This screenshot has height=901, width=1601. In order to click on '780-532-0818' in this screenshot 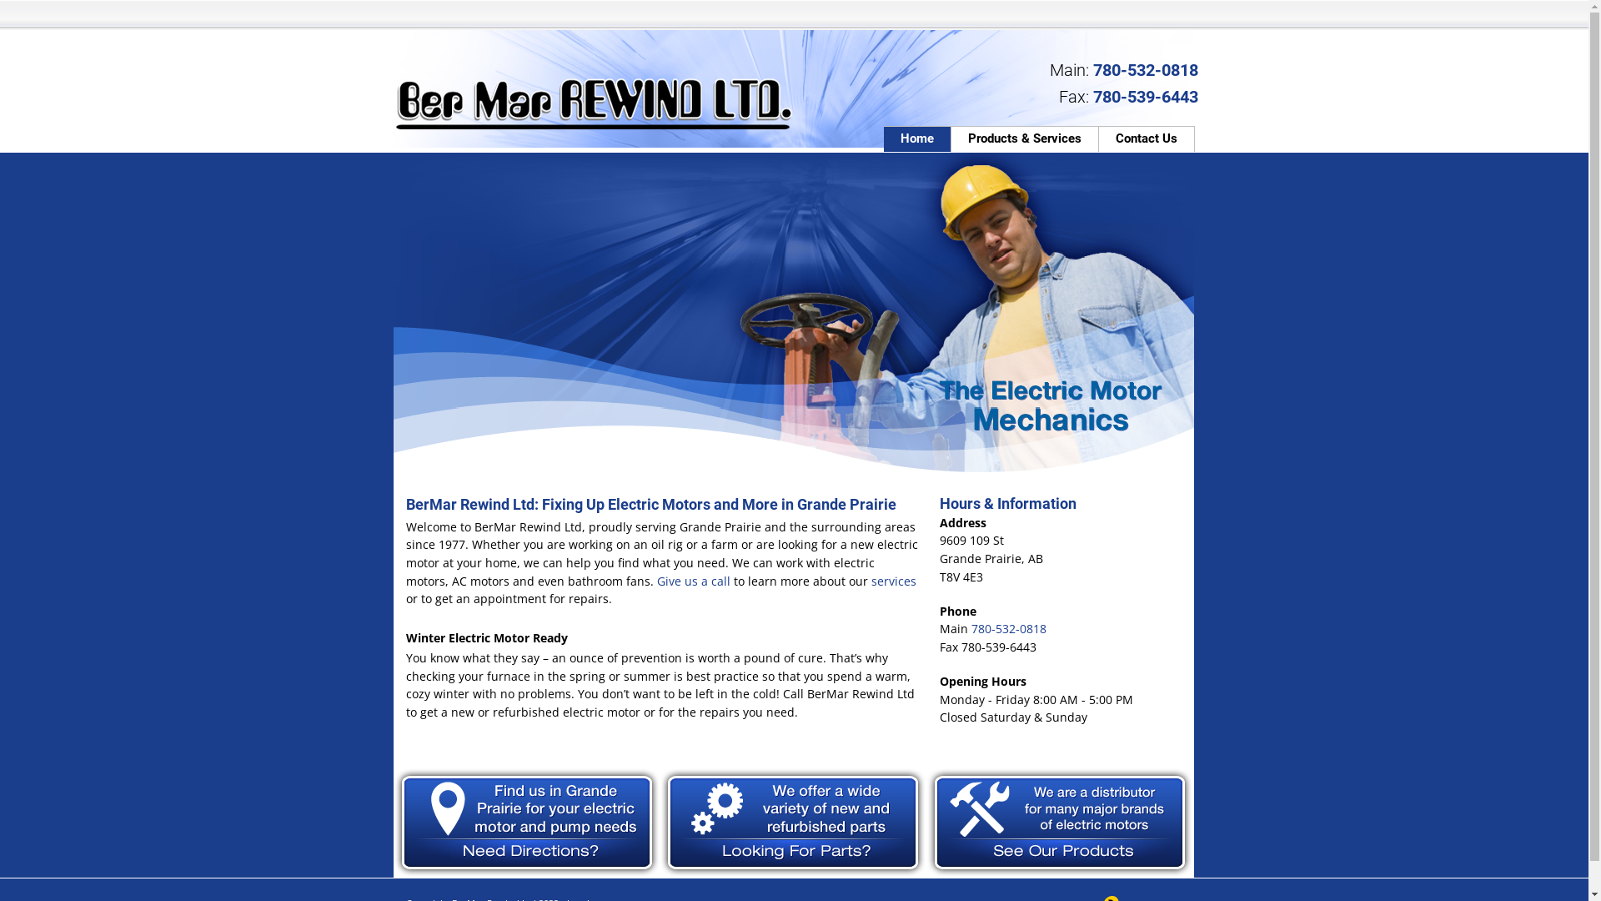, I will do `click(1142, 69)`.